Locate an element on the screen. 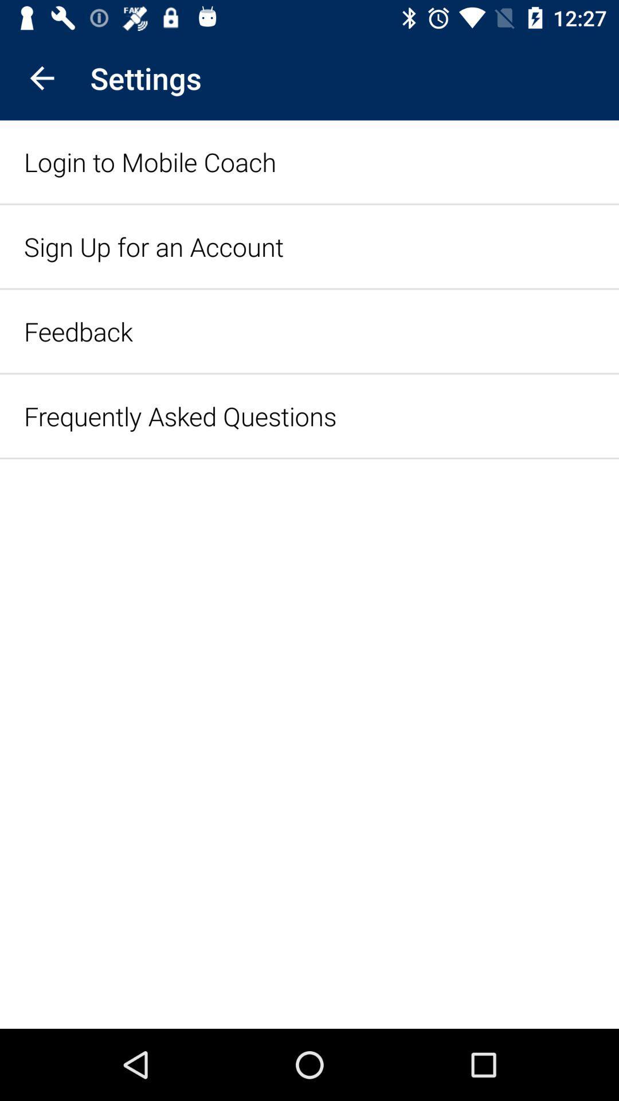 The height and width of the screenshot is (1101, 619). the sign up for icon is located at coordinates (153, 246).